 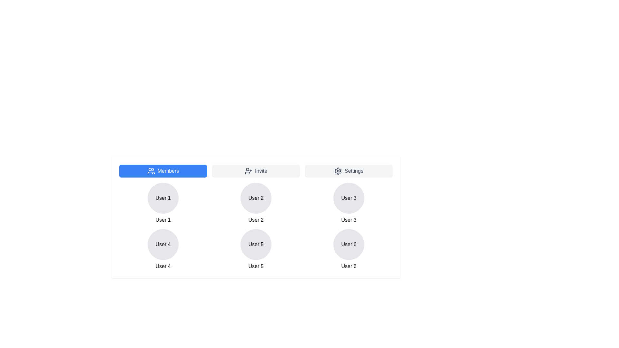 What do you see at coordinates (261, 171) in the screenshot?
I see `the text label that serves as a label for the invite button, positioned centrally in the second button-like section at the top of the interface` at bounding box center [261, 171].